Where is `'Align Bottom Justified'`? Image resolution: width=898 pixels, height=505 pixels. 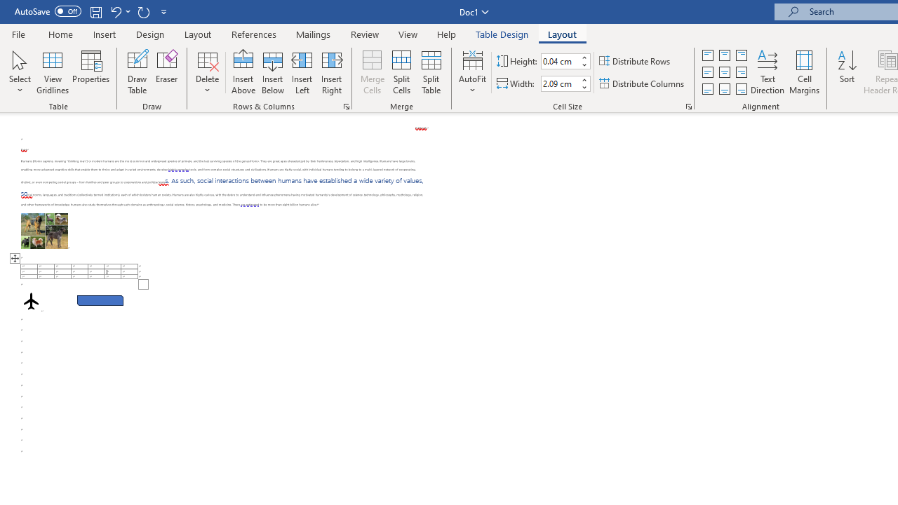 'Align Bottom Justified' is located at coordinates (708, 89).